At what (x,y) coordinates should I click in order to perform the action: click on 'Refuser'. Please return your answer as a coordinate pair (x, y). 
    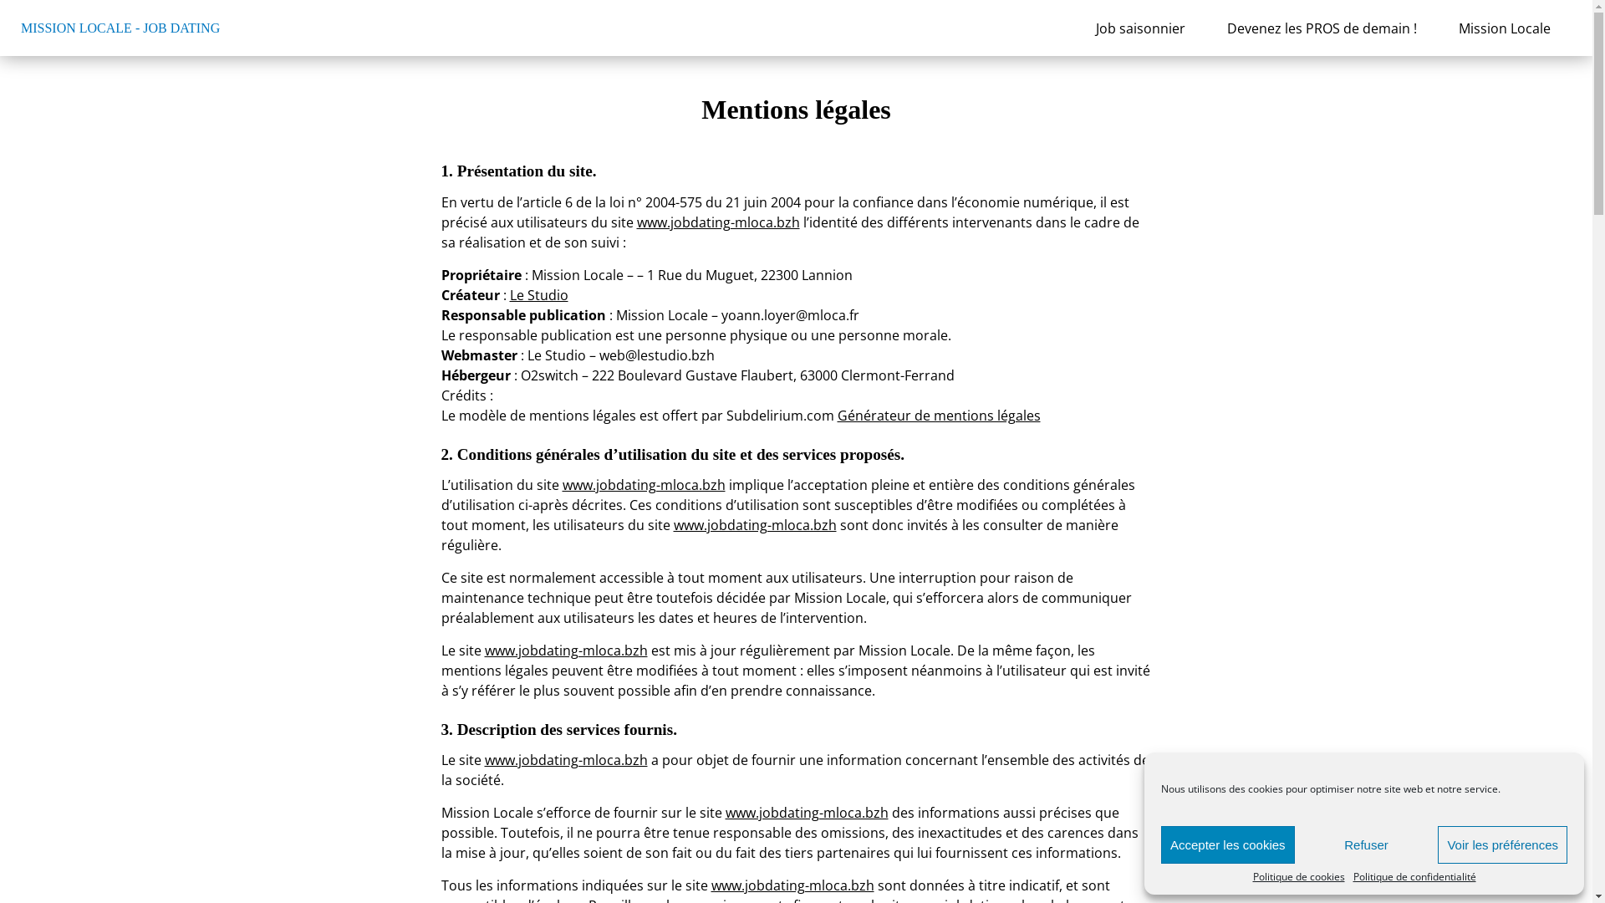
    Looking at the image, I should click on (1302, 844).